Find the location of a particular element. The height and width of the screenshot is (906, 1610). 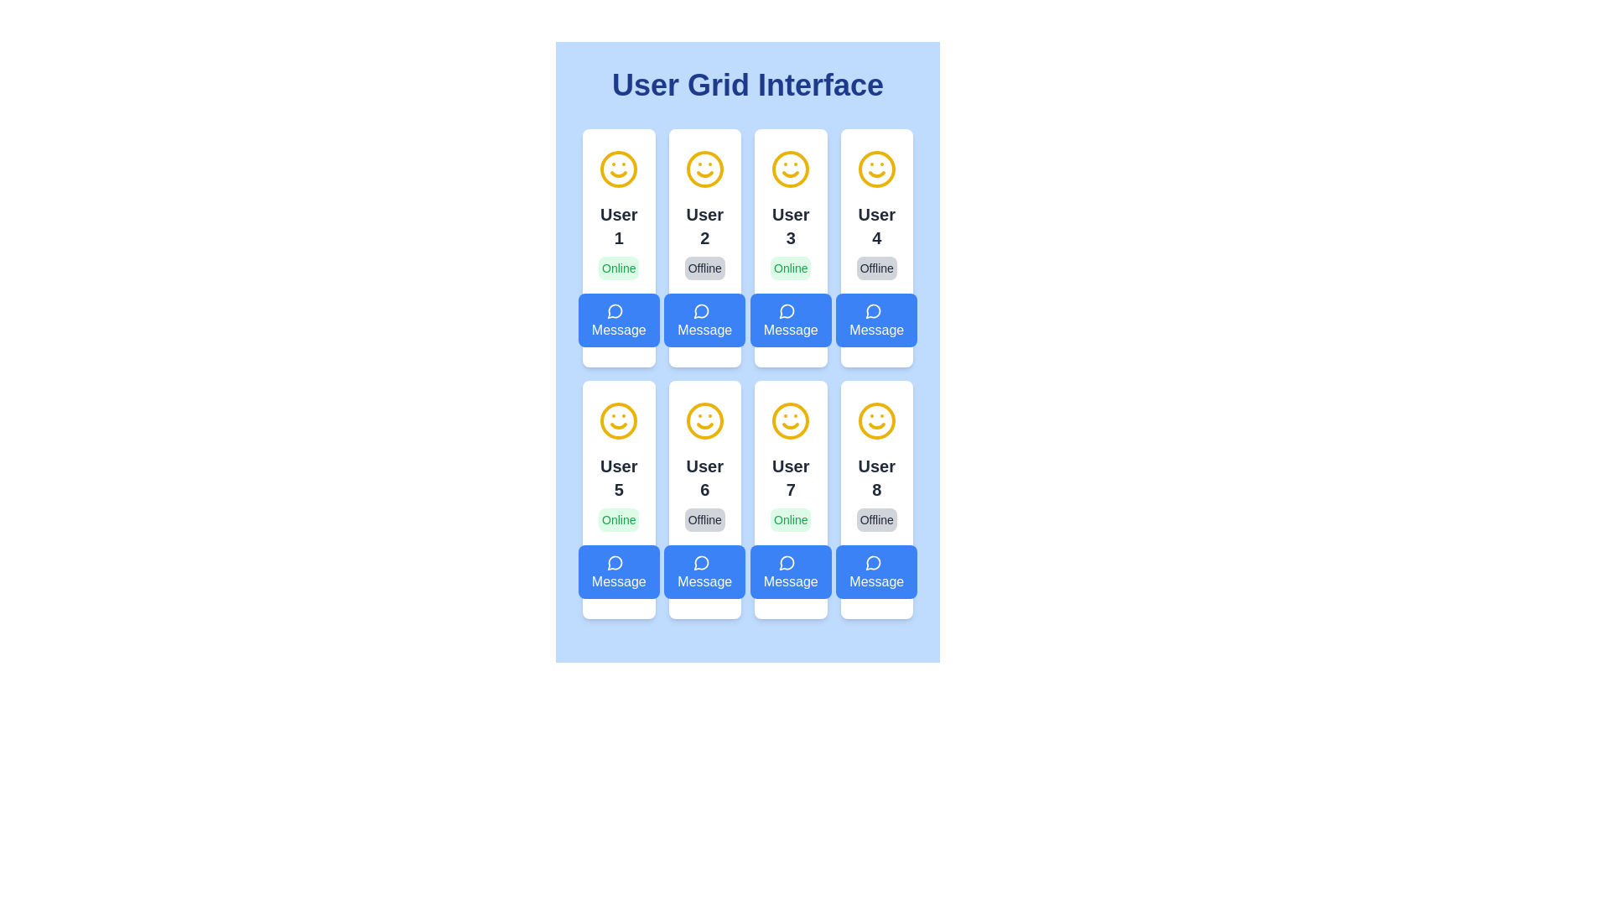

the text label displaying 'User 6' in bold black font, located in the second row and second column of the user card grid is located at coordinates (704, 478).